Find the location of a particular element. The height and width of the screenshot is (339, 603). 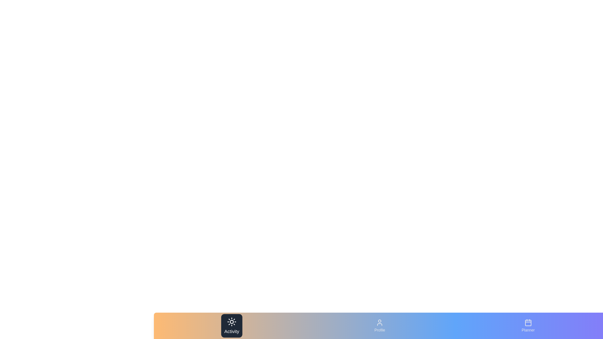

the tab labeled Planner to observe visual feedback is located at coordinates (528, 325).